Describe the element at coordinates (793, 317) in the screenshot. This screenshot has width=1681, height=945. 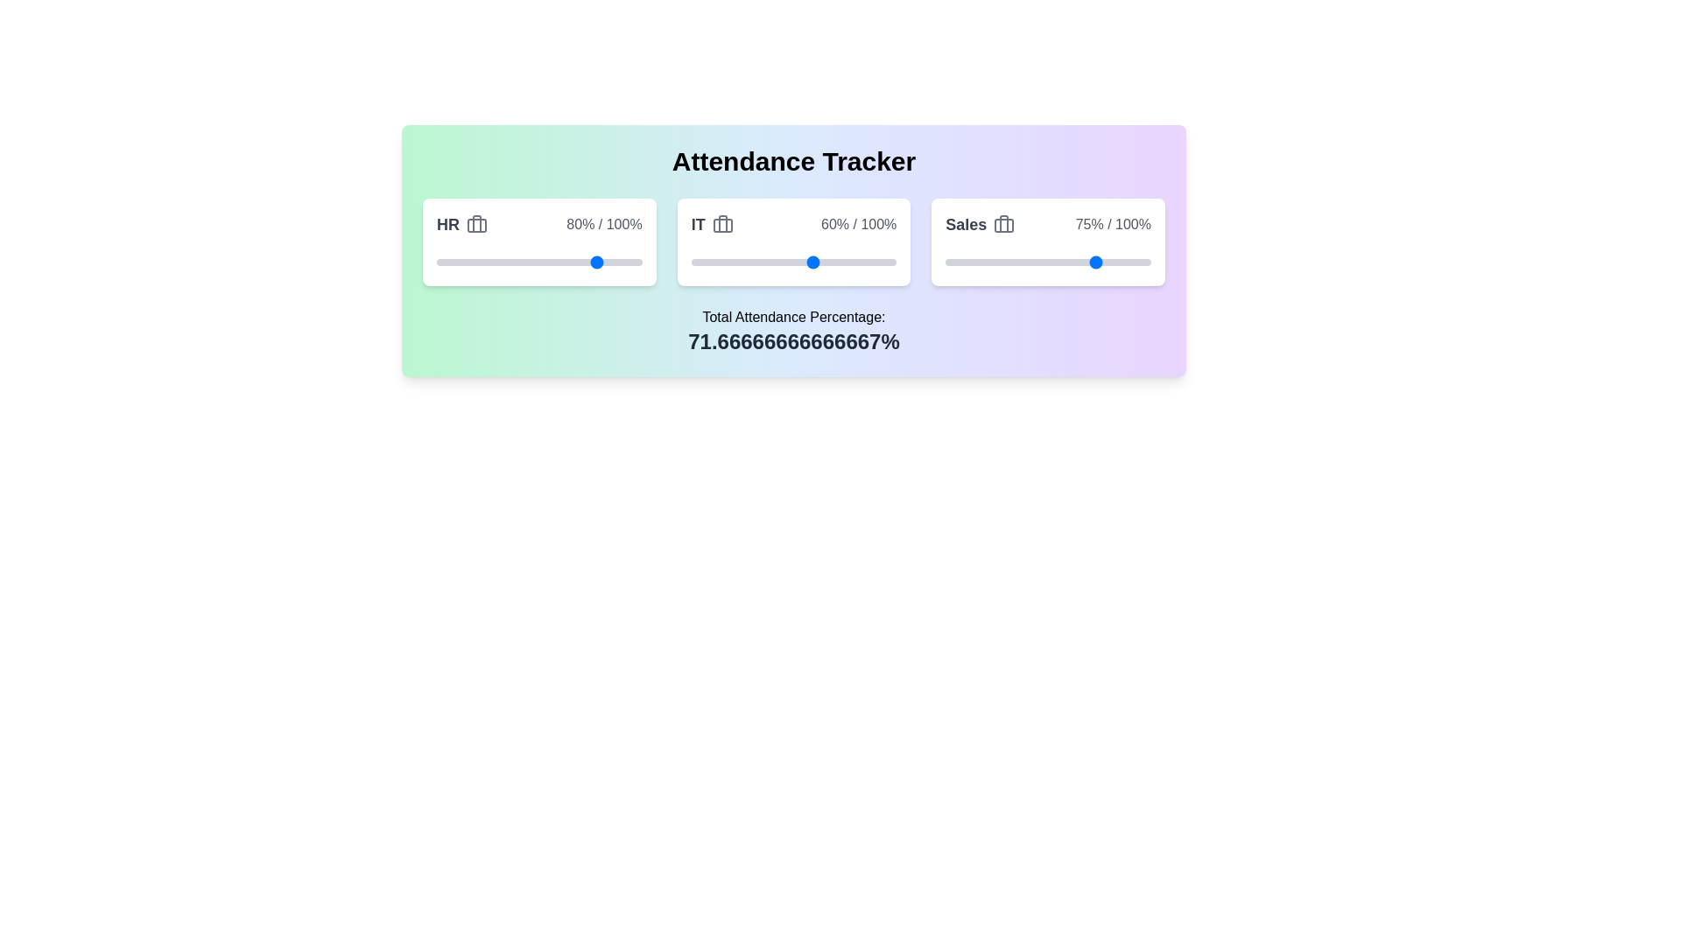
I see `the text label that describes the attendance percentage, positioned at the bottom of the attendance data panel, directly above the bold percentage value` at that location.